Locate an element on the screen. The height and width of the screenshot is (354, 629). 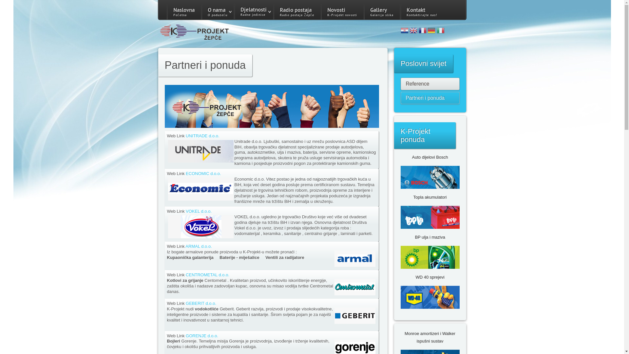
'English' is located at coordinates (413, 31).